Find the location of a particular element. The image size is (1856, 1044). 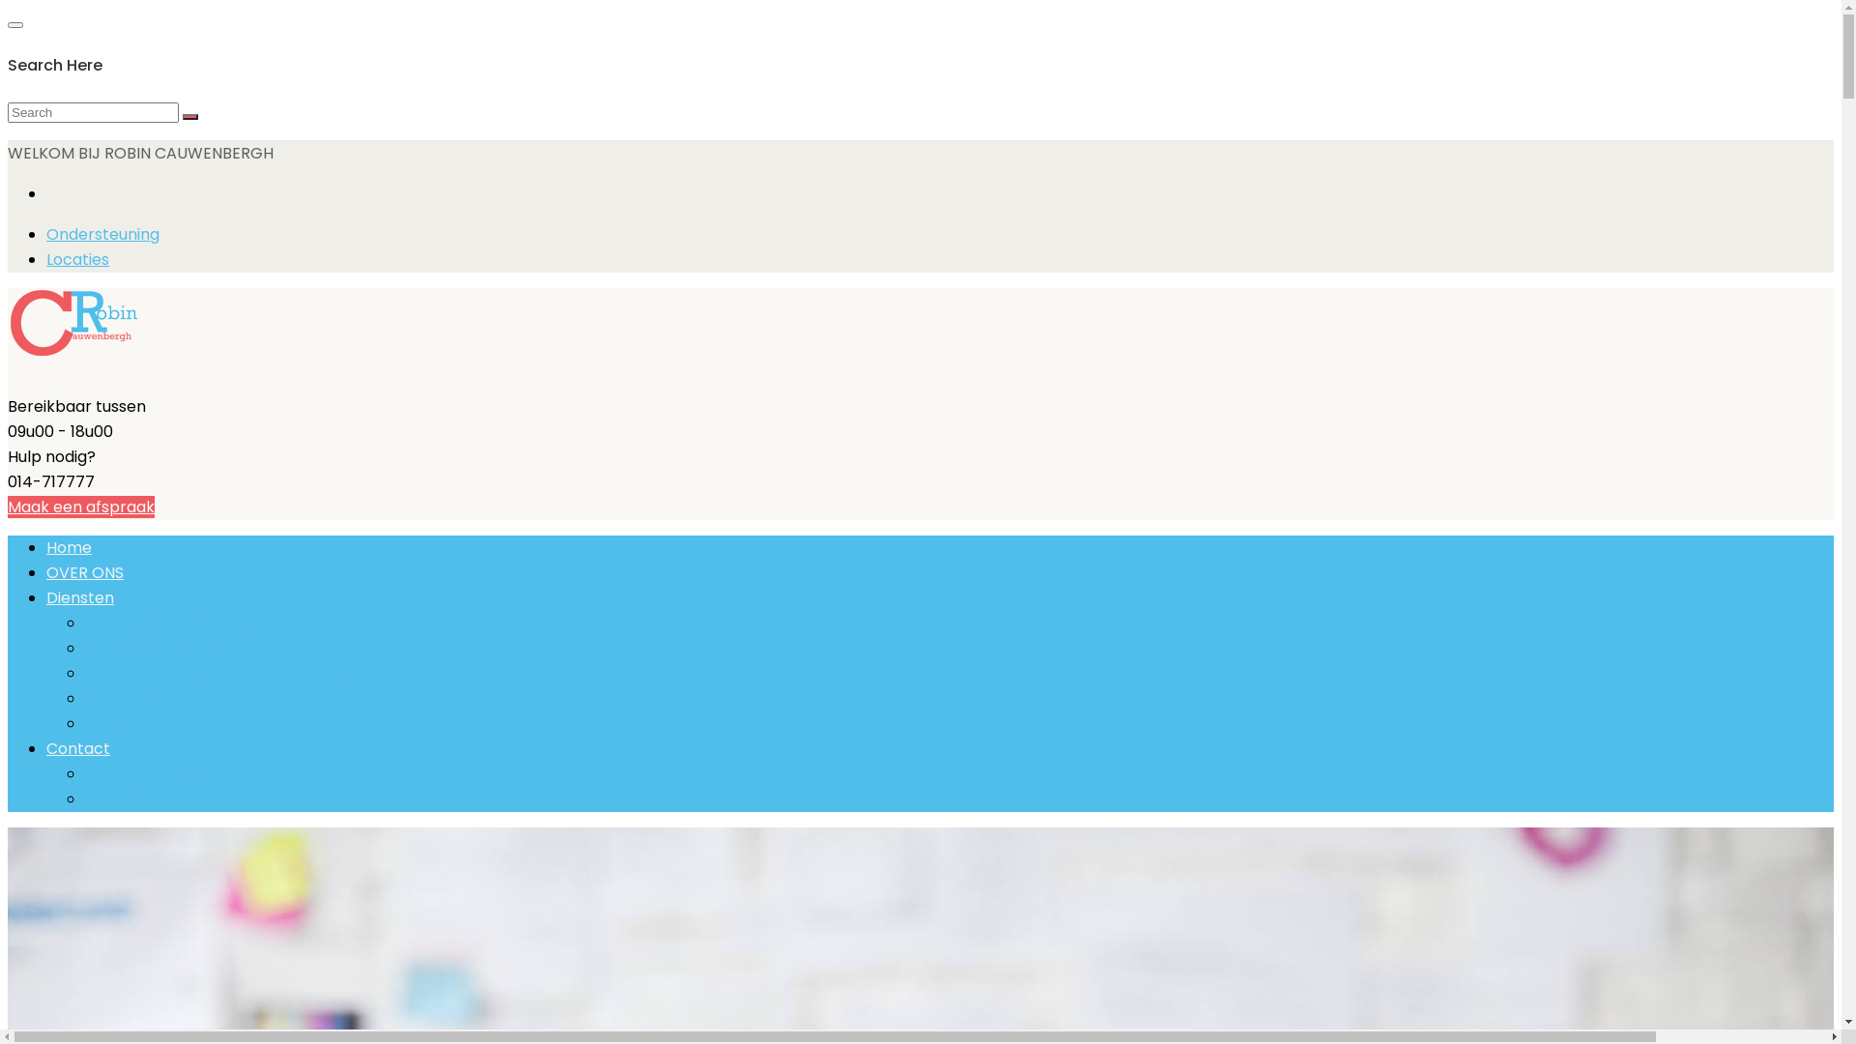

'Home' is located at coordinates (46, 547).